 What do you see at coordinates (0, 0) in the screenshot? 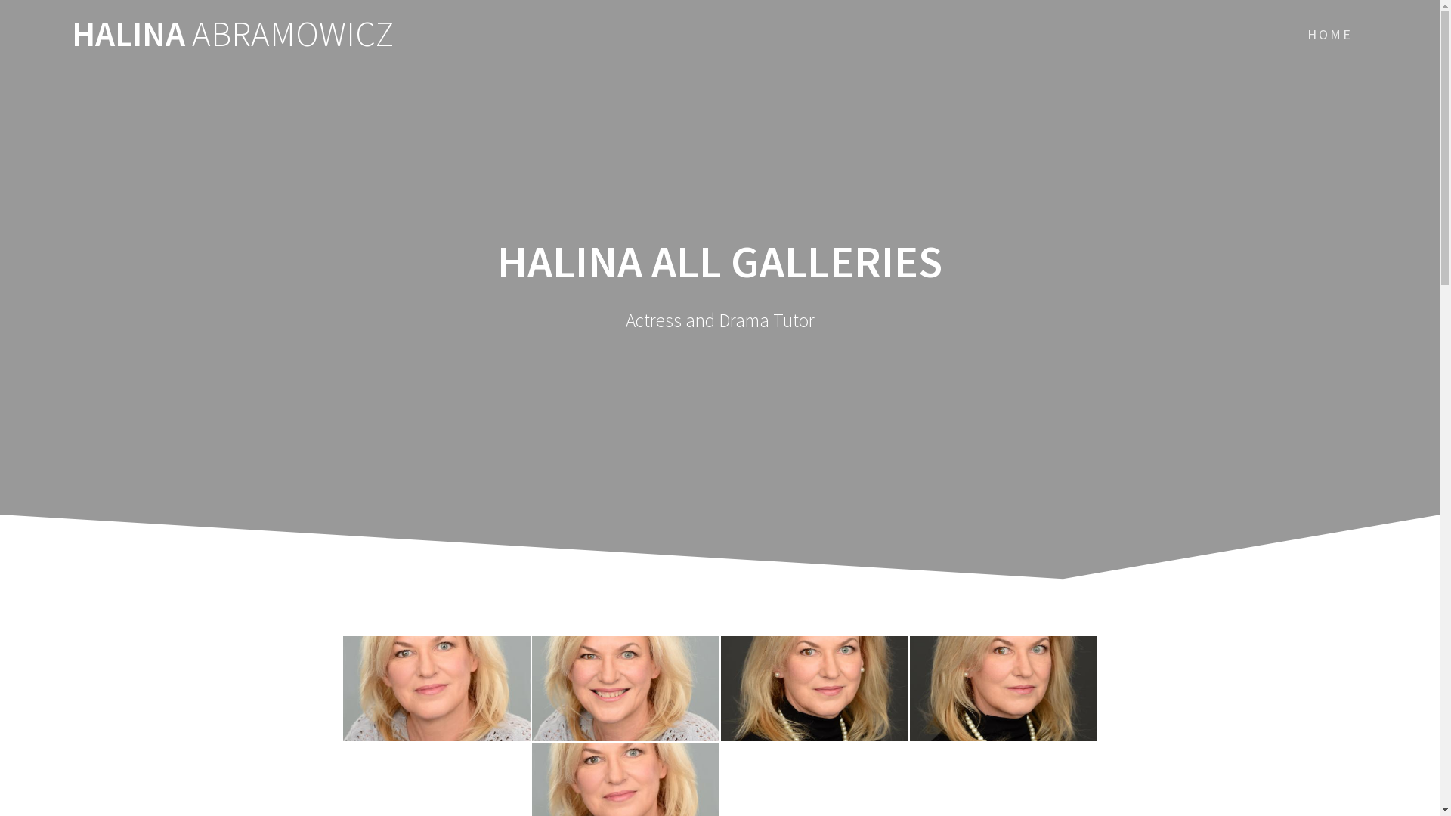
I see `'Skip to content'` at bounding box center [0, 0].